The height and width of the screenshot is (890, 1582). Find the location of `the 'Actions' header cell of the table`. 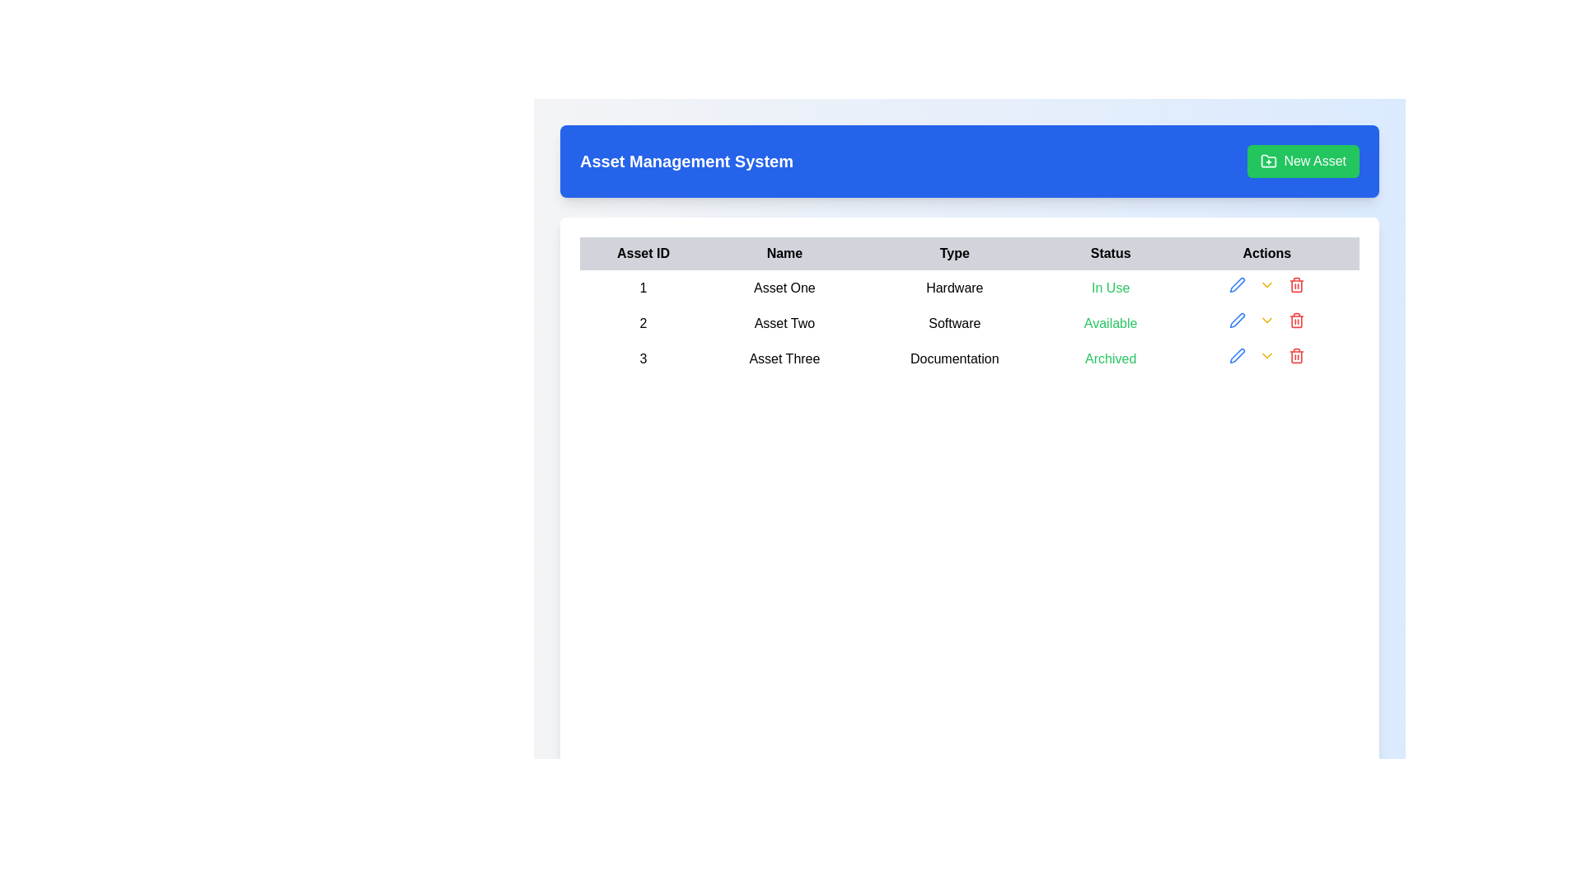

the 'Actions' header cell of the table is located at coordinates (1266, 254).